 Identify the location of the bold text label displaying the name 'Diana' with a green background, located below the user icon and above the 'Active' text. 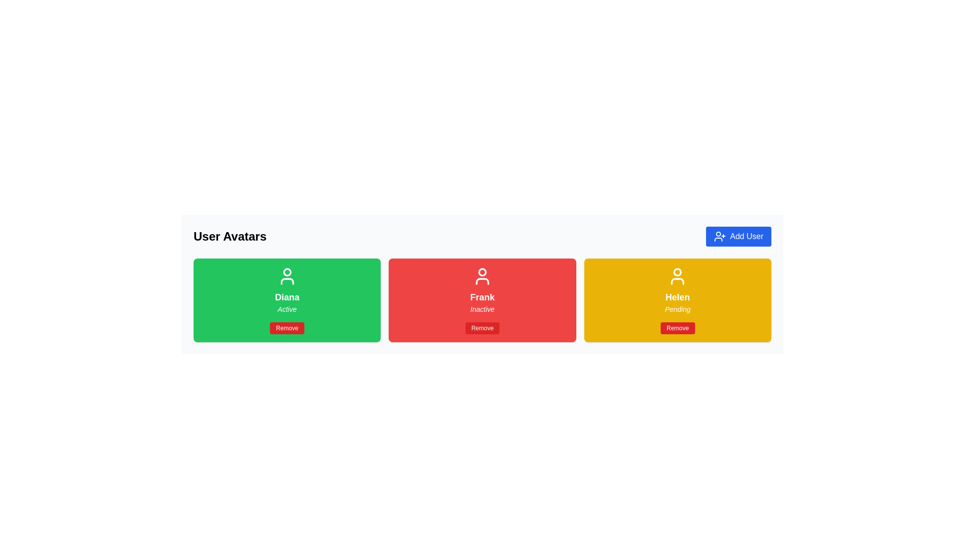
(286, 297).